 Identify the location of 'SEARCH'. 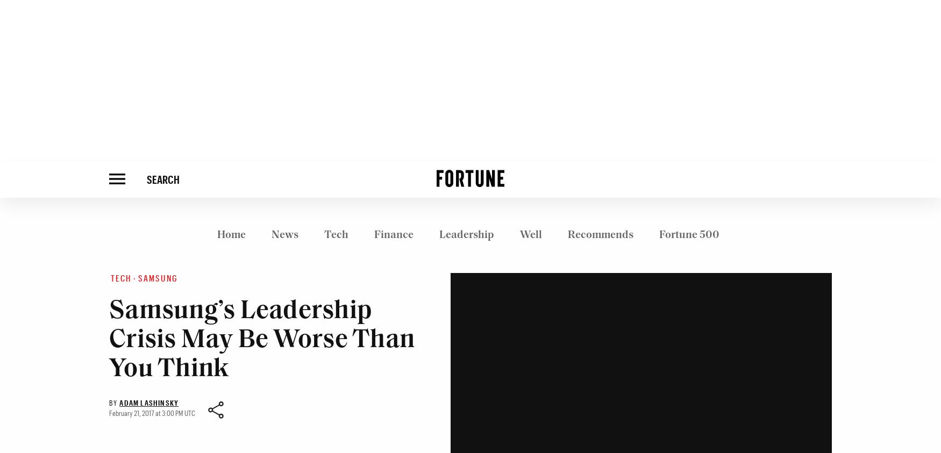
(162, 178).